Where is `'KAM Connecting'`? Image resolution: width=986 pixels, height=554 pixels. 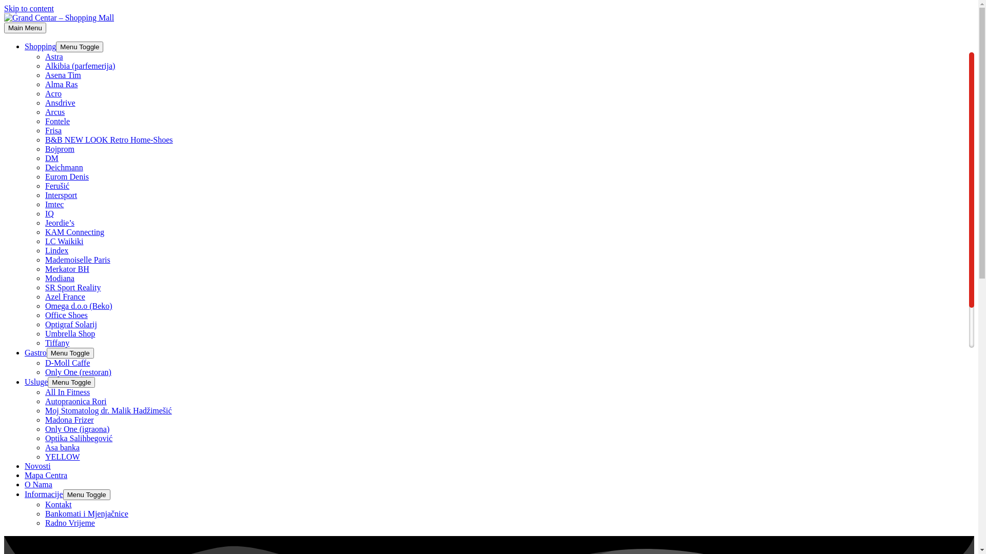 'KAM Connecting' is located at coordinates (44, 232).